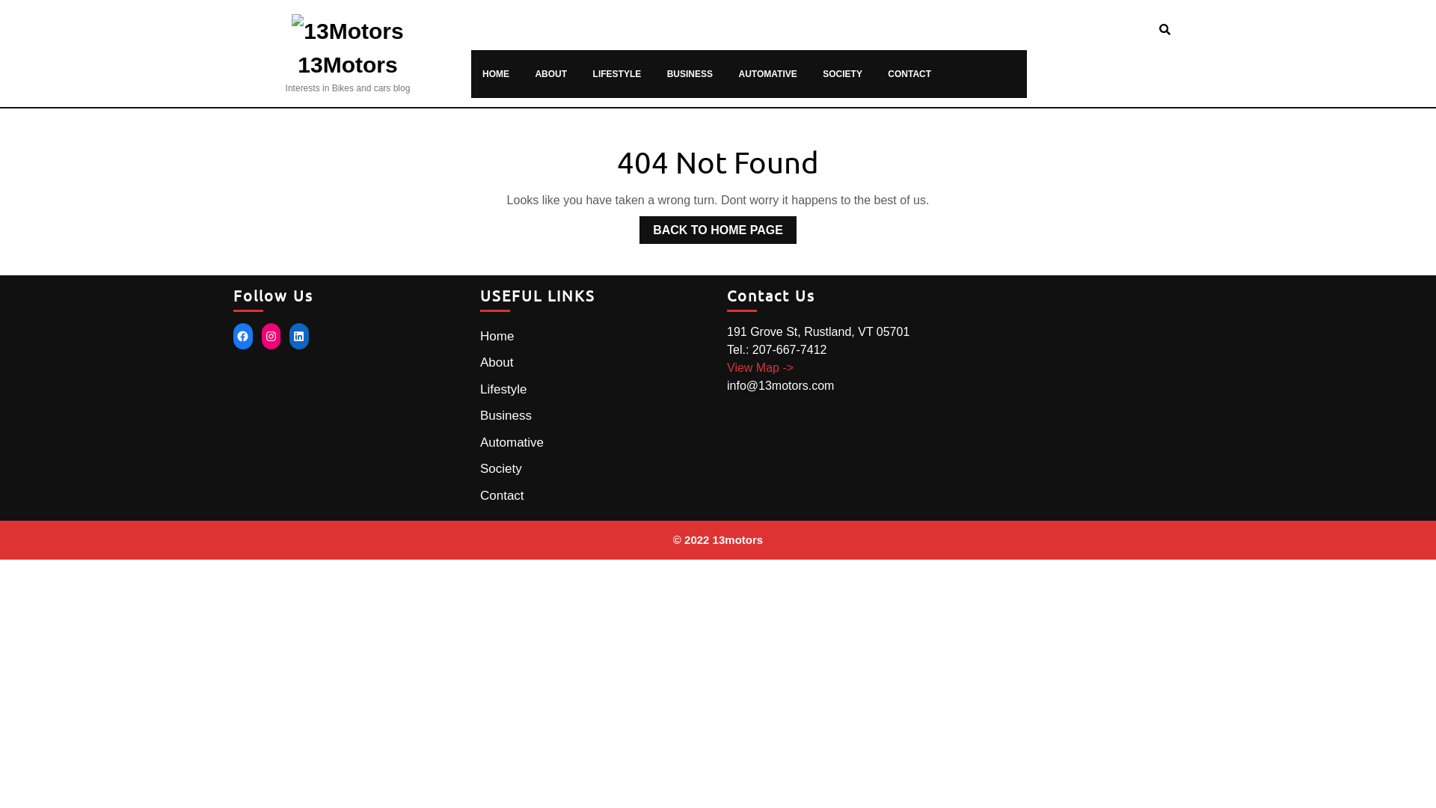  I want to click on 'View Map ->', so click(760, 367).